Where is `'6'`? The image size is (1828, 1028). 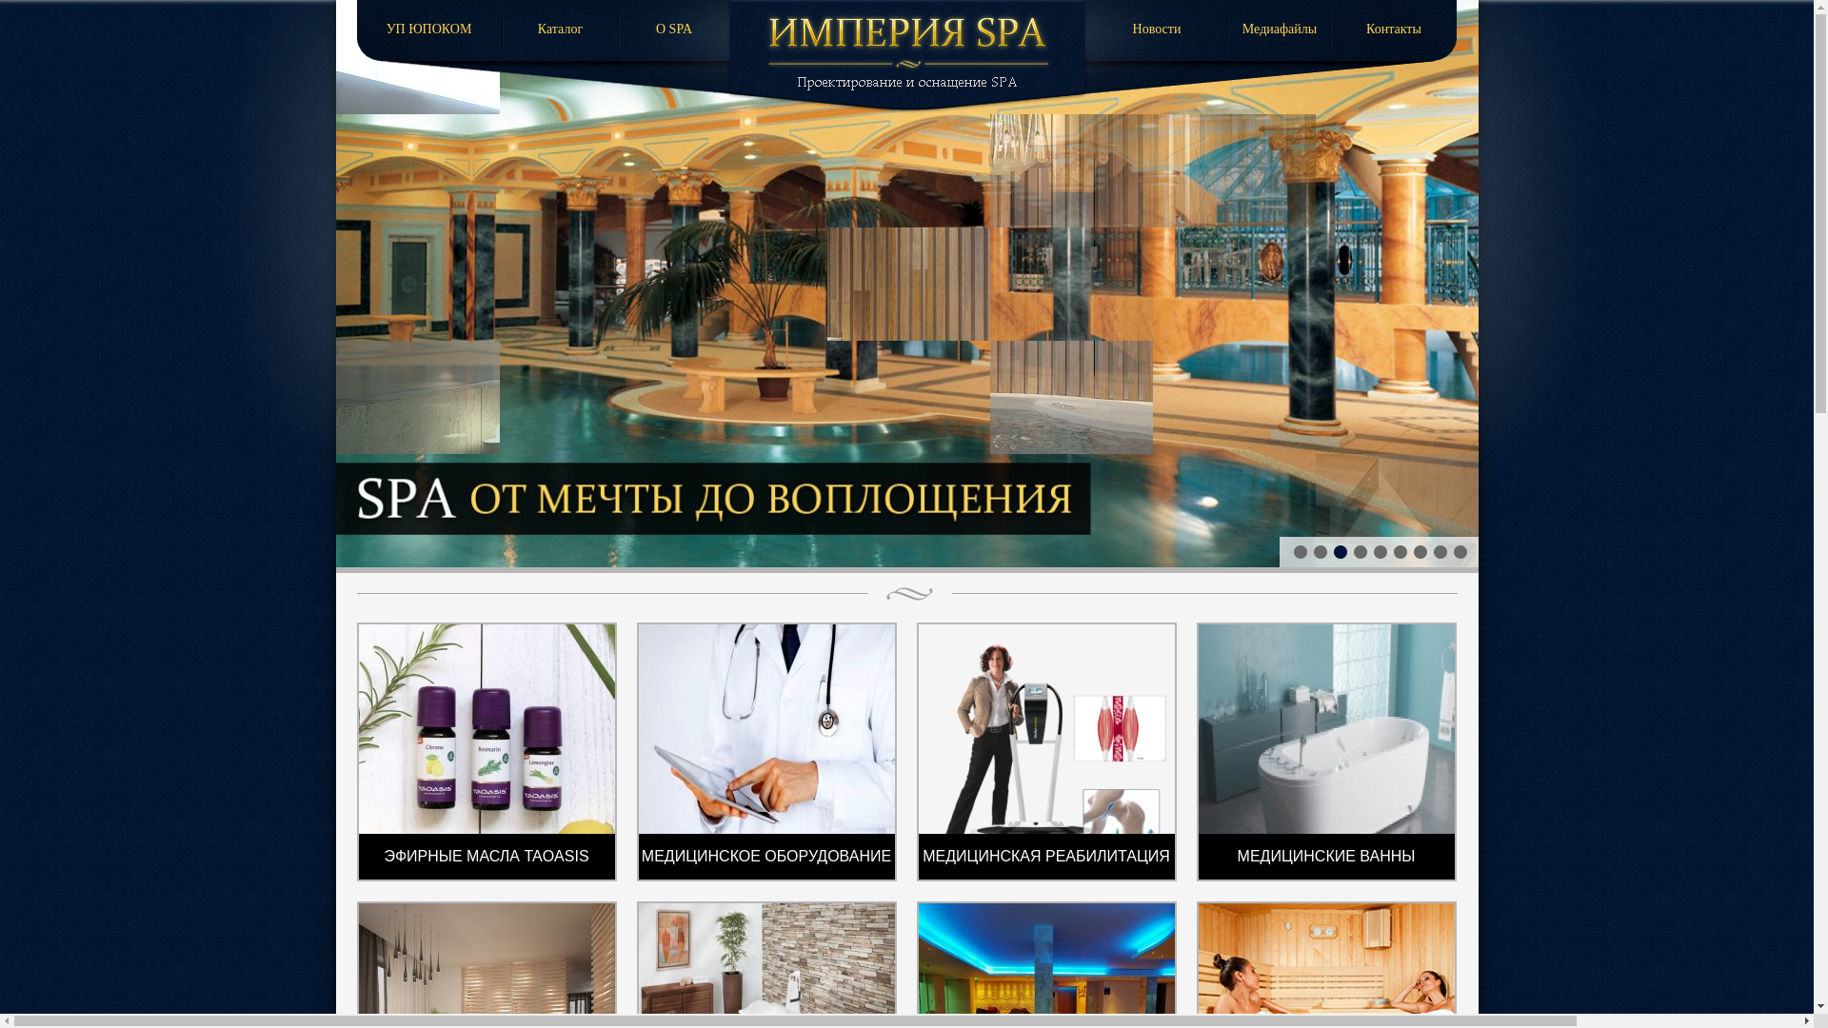
'6' is located at coordinates (1400, 551).